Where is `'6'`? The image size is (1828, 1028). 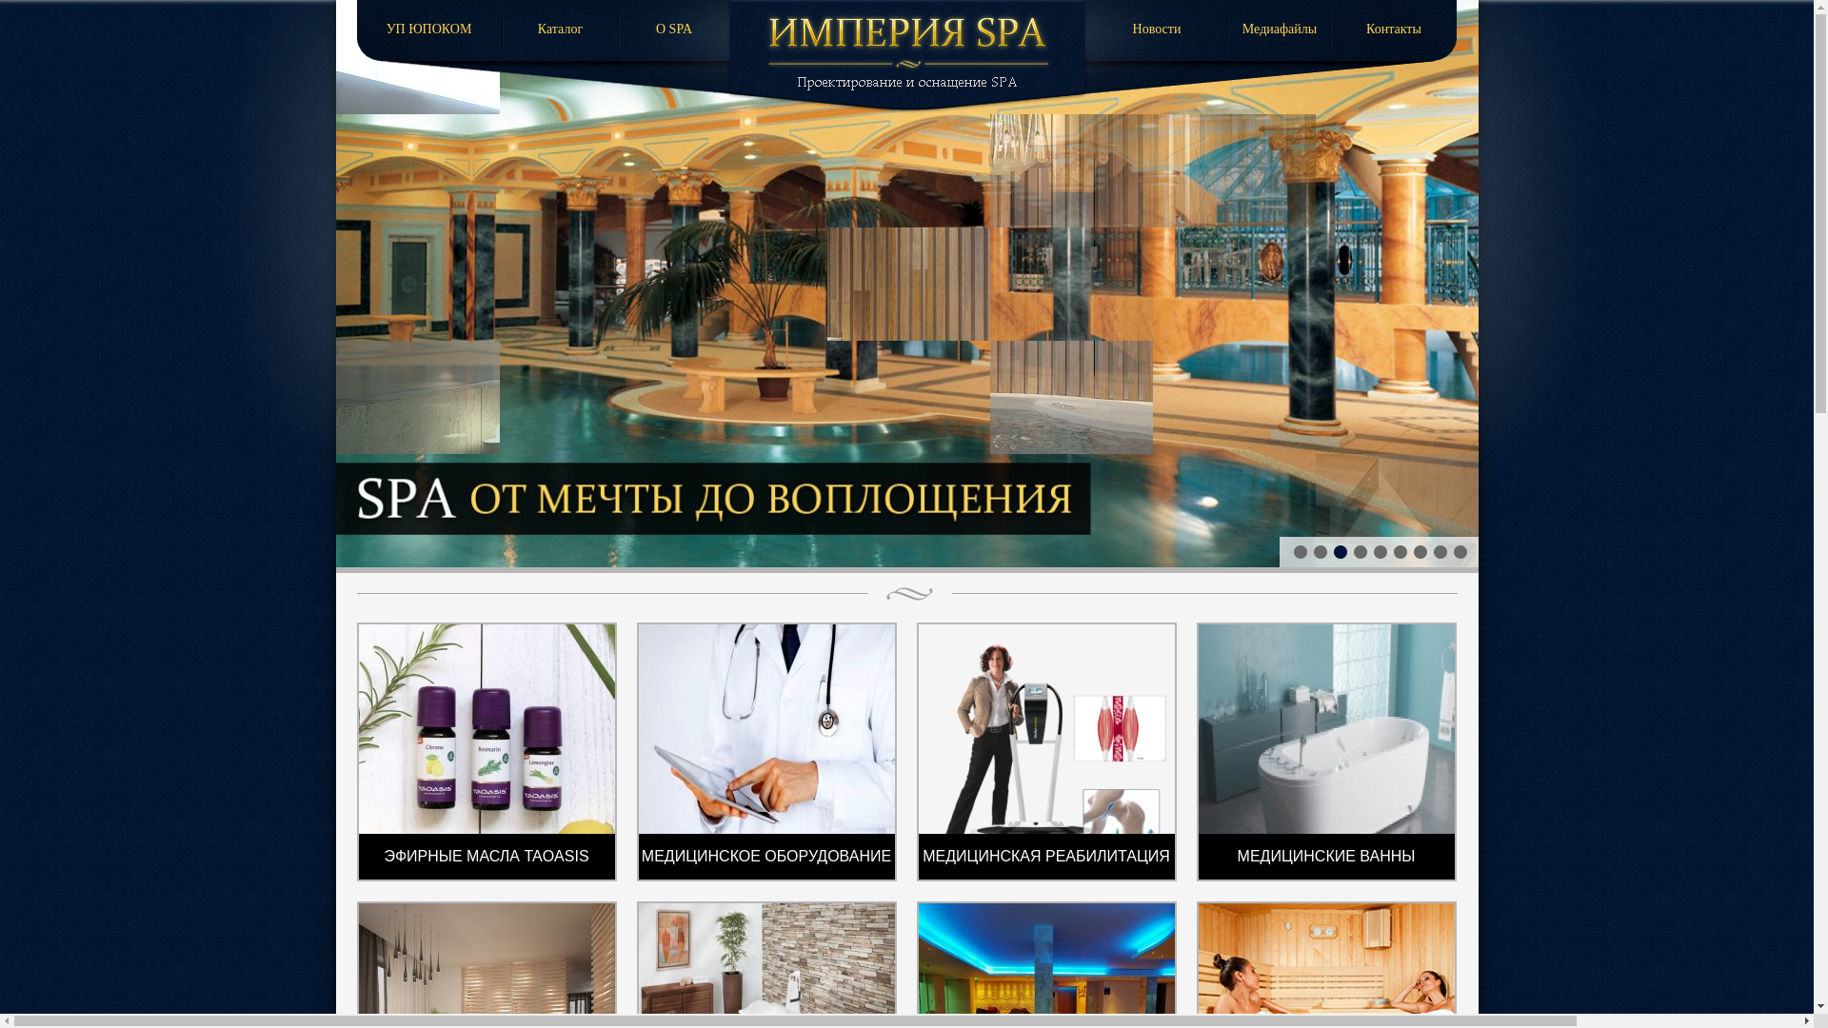
'6' is located at coordinates (1400, 551).